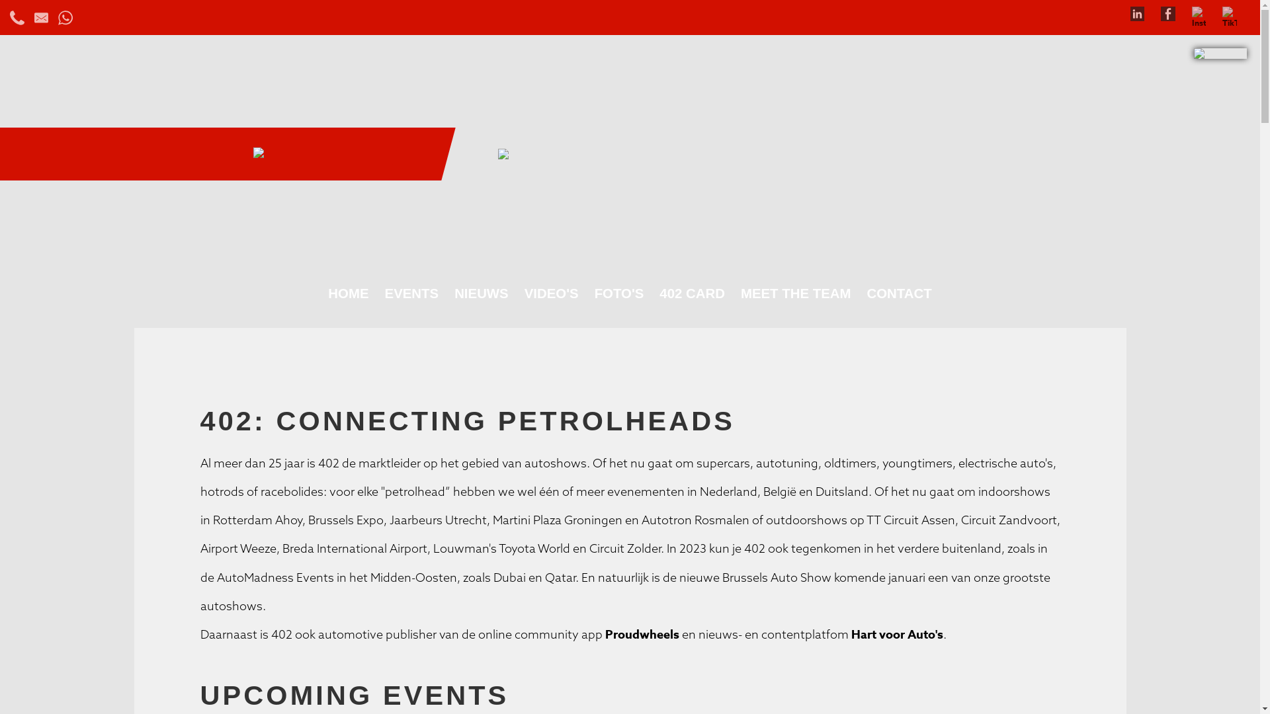  Describe the element at coordinates (65, 16) in the screenshot. I see `'Whatsapp'` at that location.